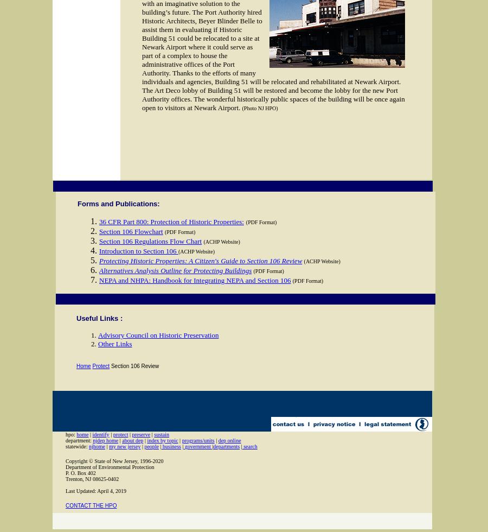  What do you see at coordinates (77, 446) in the screenshot?
I see `'statewide:'` at bounding box center [77, 446].